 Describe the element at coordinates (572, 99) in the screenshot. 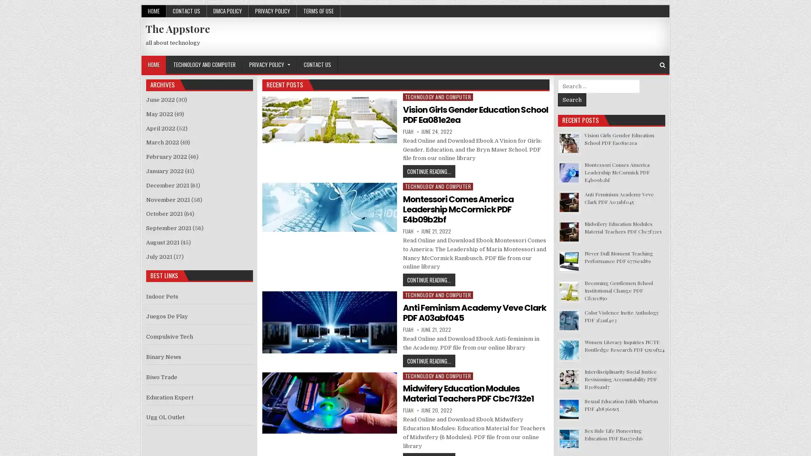

I see `Search` at that location.